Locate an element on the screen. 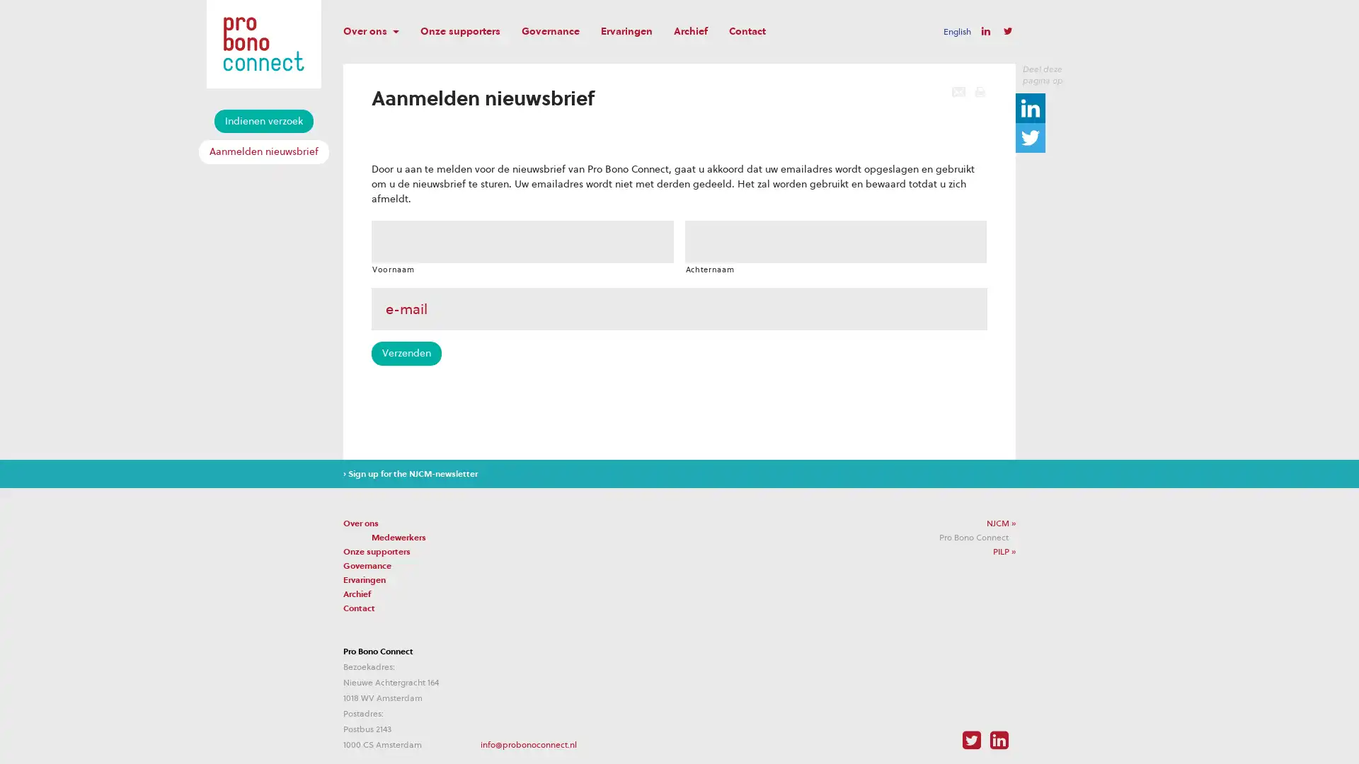  Verzenden is located at coordinates (406, 352).